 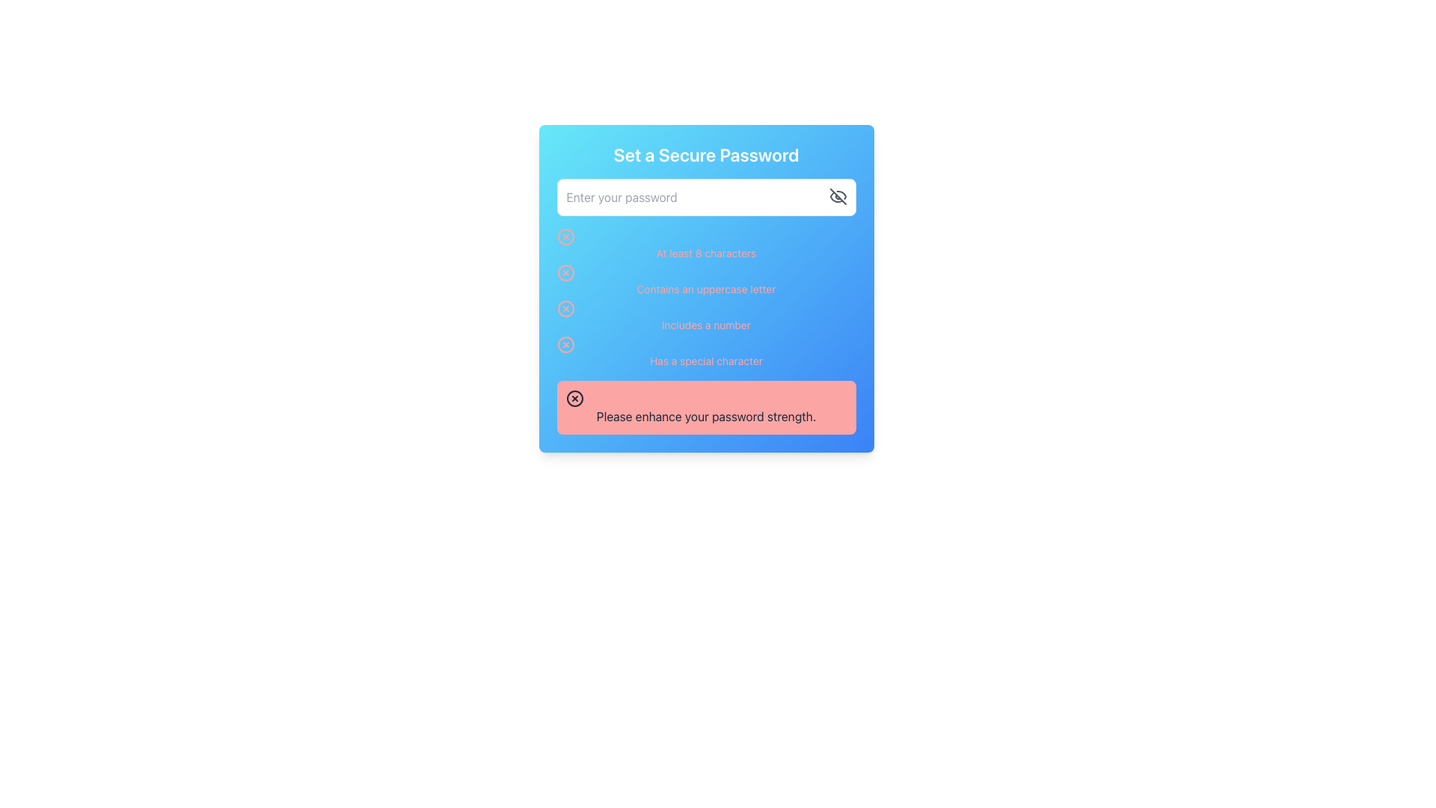 I want to click on the status indicator icon that shows whether the 'Has a special character' criterion for password strength is met, located to the left of the text 'Has a special character.', so click(x=565, y=345).